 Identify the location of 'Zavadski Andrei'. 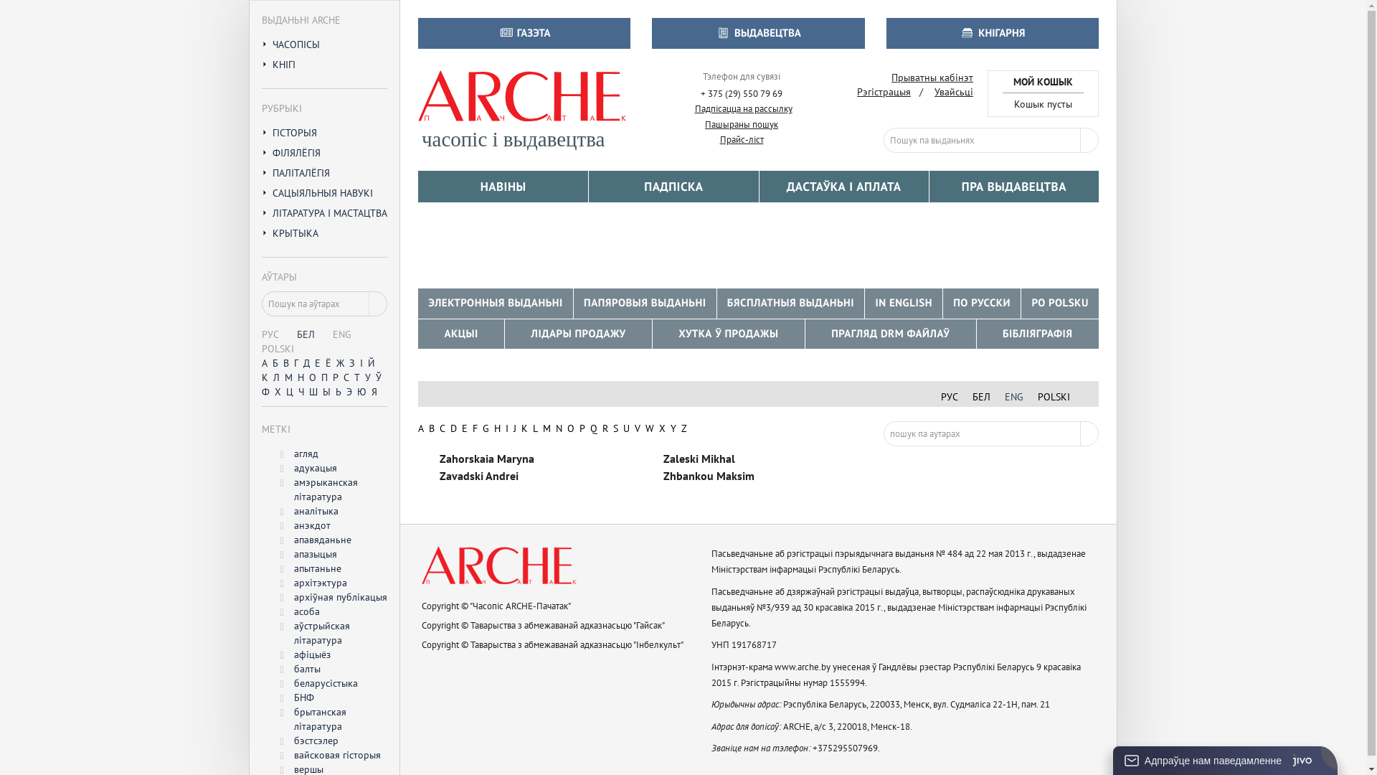
(478, 476).